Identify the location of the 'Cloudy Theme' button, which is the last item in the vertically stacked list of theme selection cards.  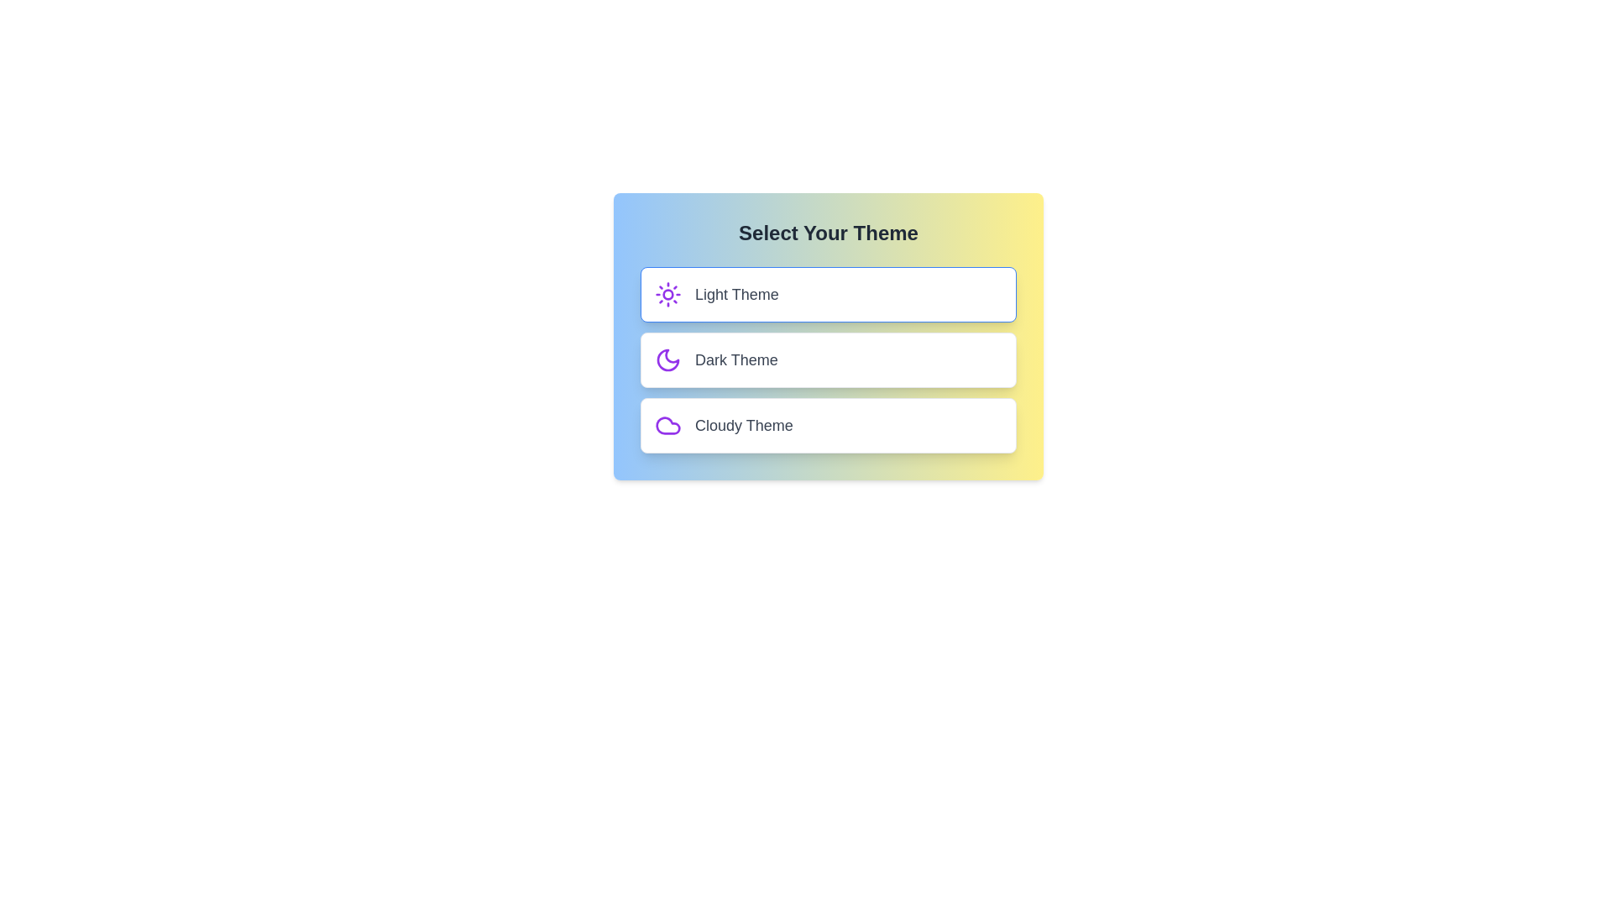
(829, 424).